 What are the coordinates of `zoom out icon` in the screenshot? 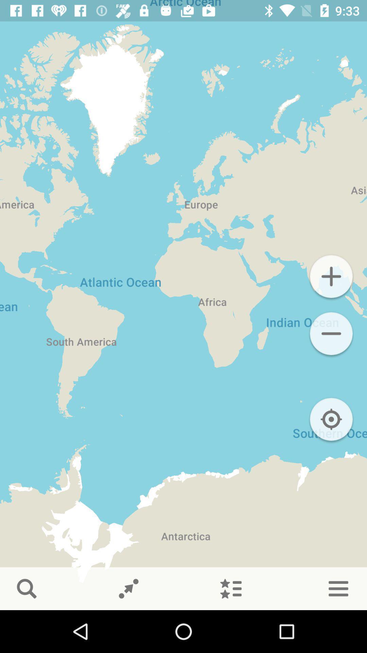 It's located at (331, 333).